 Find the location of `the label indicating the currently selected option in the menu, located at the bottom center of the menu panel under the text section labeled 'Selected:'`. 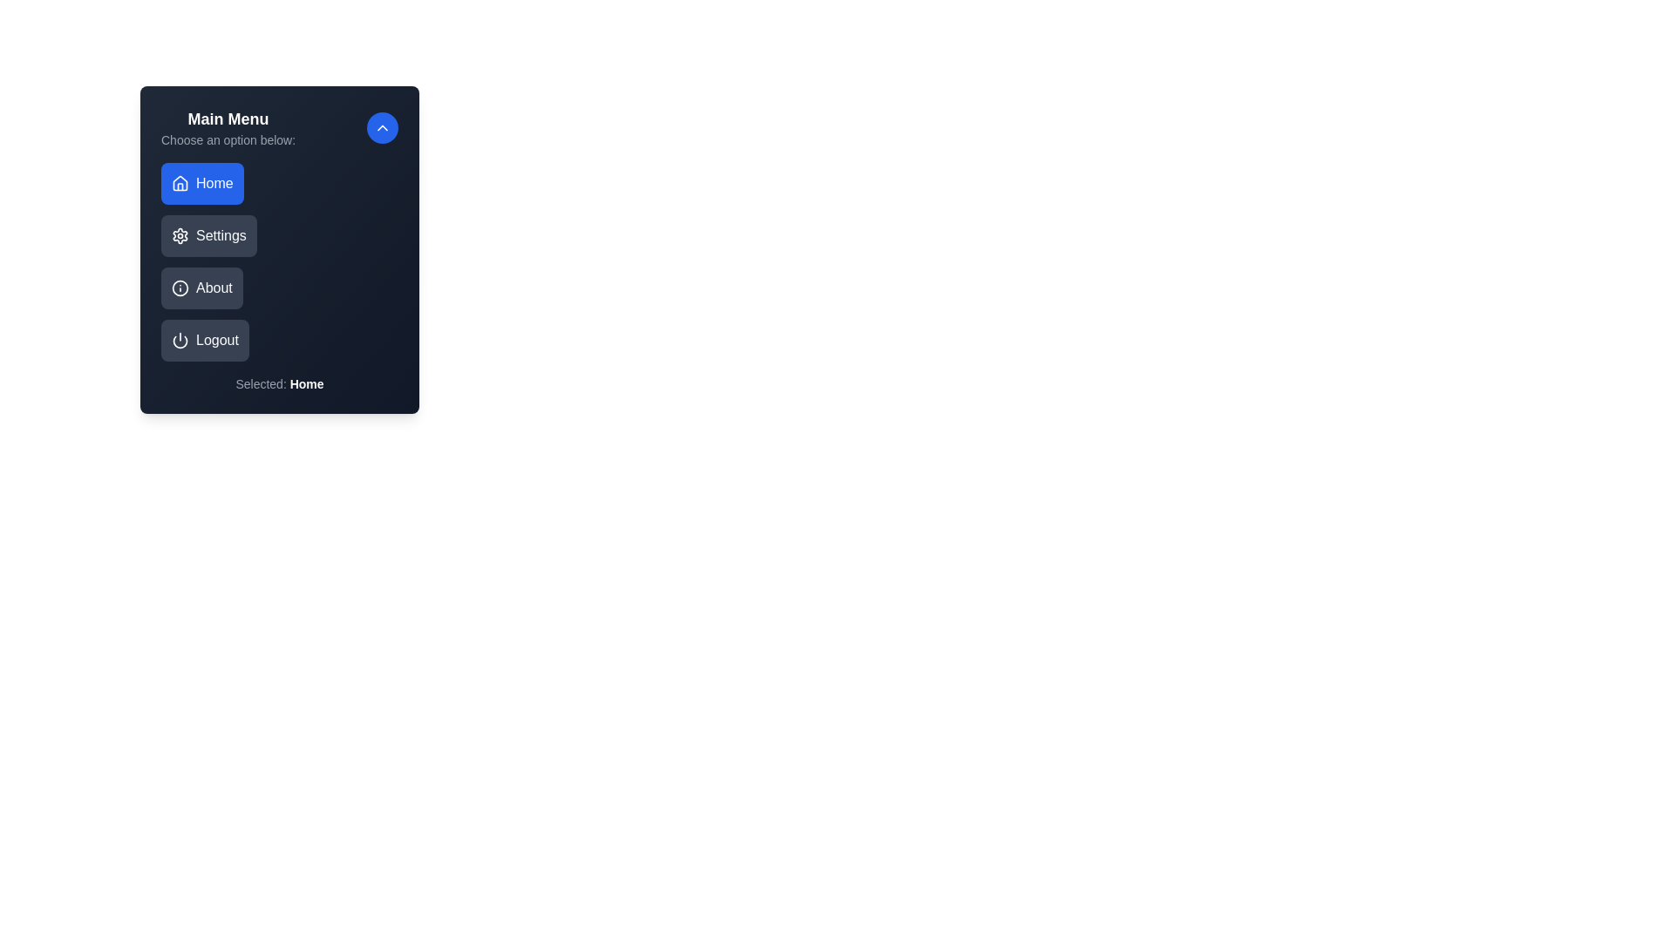

the label indicating the currently selected option in the menu, located at the bottom center of the menu panel under the text section labeled 'Selected:' is located at coordinates (307, 382).